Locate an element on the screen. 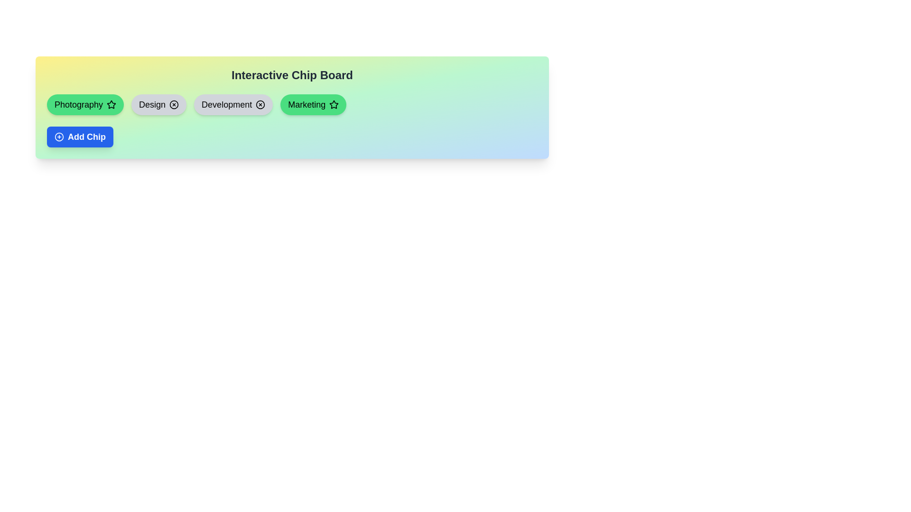 The width and height of the screenshot is (911, 512). the Close button icon within the 'Design' chip is located at coordinates (174, 104).